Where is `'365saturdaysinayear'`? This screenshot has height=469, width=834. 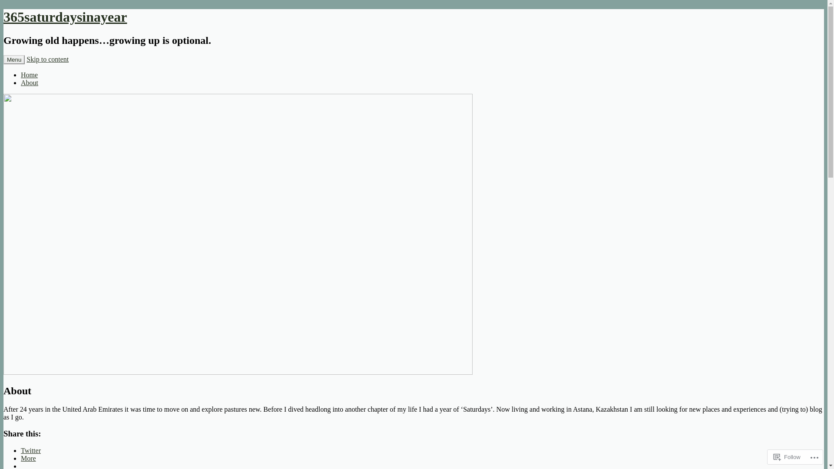
'365saturdaysinayear' is located at coordinates (3, 17).